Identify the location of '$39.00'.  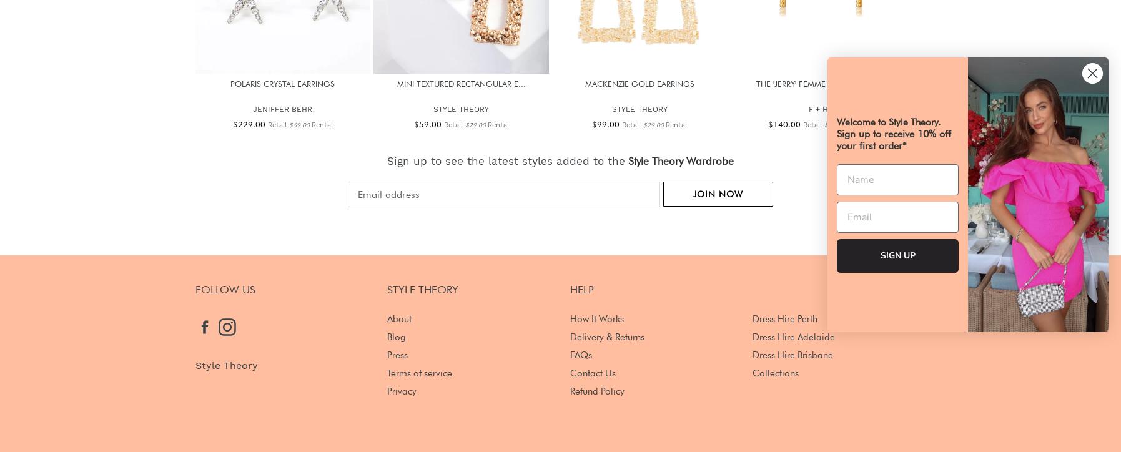
(834, 124).